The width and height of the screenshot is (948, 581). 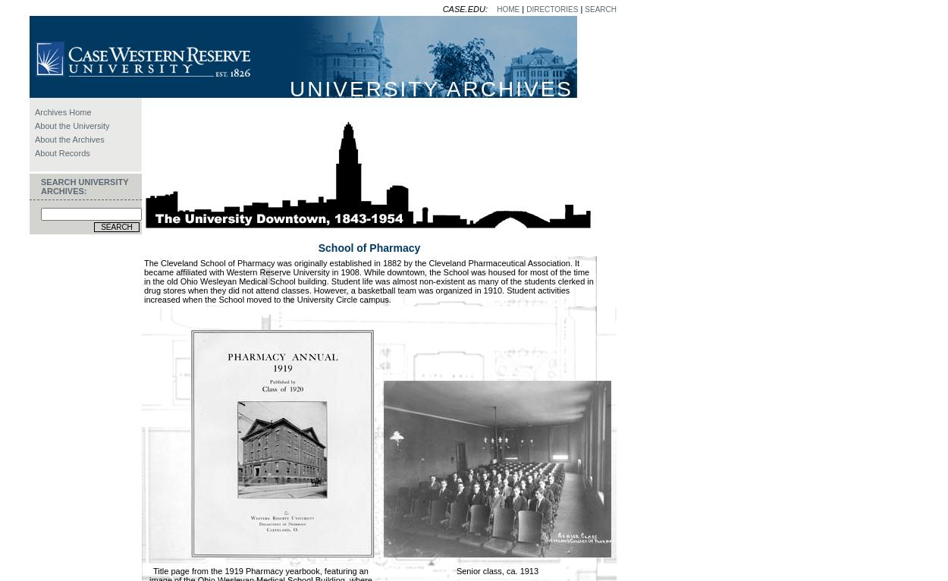 I want to click on 'School of Pharmacy', so click(x=368, y=247).